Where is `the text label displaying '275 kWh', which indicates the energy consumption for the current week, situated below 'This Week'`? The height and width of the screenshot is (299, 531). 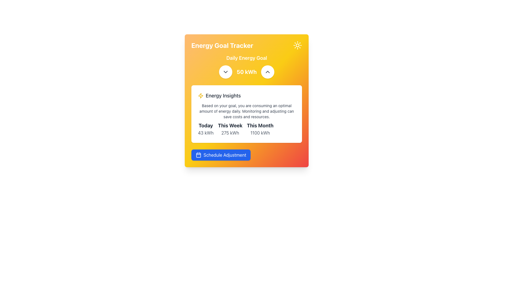
the text label displaying '275 kWh', which indicates the energy consumption for the current week, situated below 'This Week' is located at coordinates (230, 133).